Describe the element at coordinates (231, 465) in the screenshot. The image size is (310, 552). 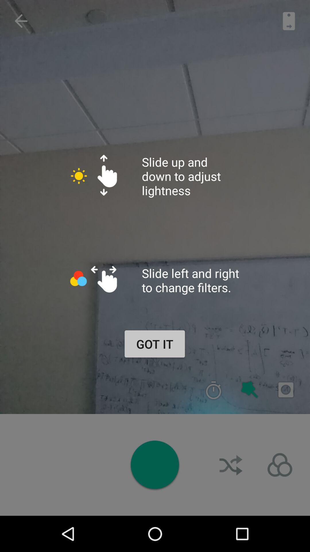
I see `shuffle option` at that location.